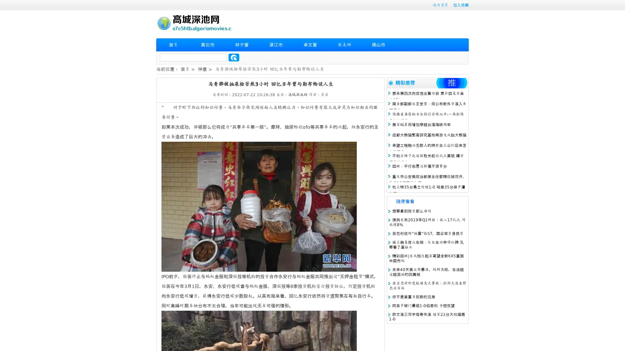 The image size is (625, 351). I want to click on Search, so click(234, 57).